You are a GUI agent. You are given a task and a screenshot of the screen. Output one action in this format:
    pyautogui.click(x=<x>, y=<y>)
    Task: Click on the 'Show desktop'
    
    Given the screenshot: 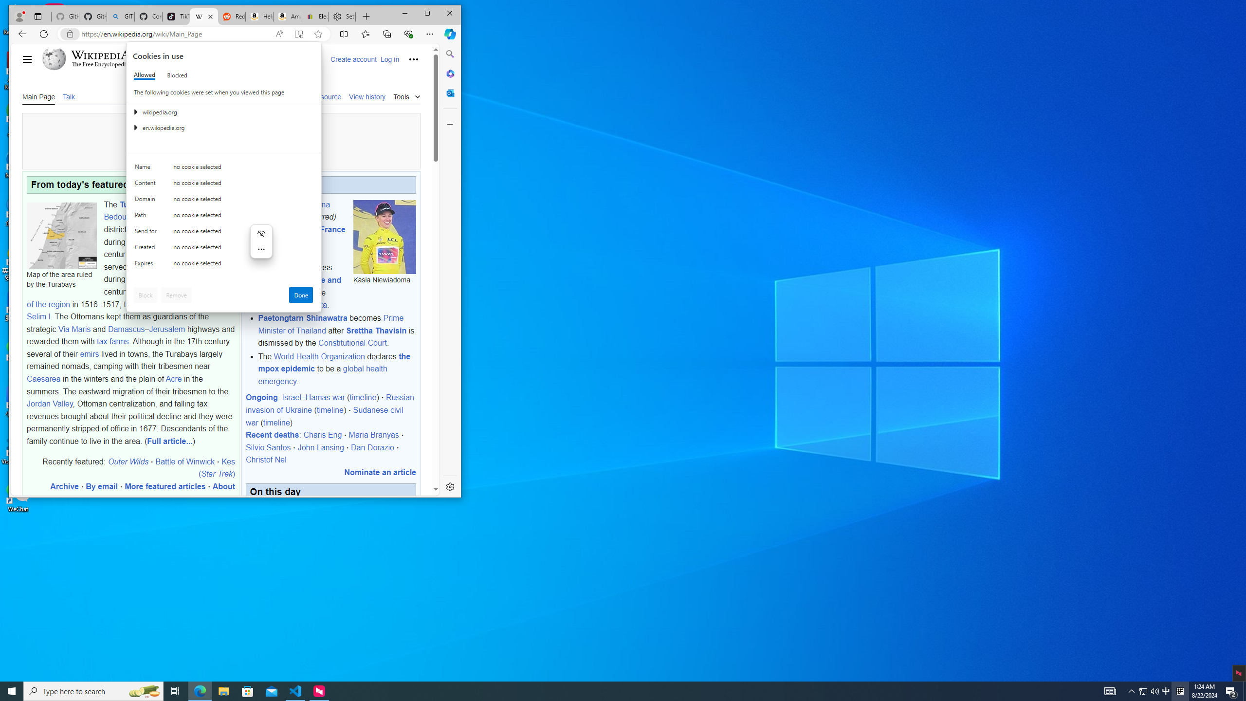 What is the action you would take?
    pyautogui.click(x=1244, y=690)
    